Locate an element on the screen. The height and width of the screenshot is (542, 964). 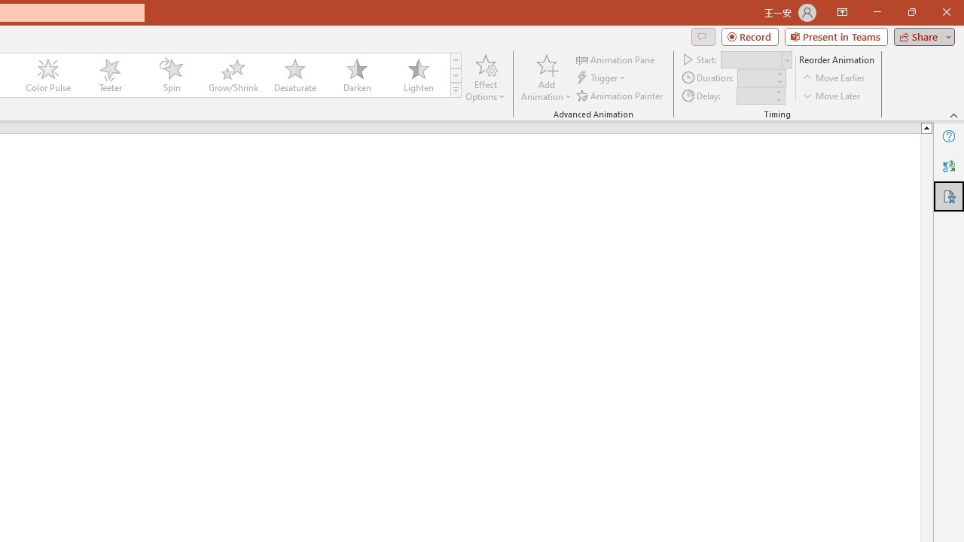
'Animation Duration' is located at coordinates (755, 78).